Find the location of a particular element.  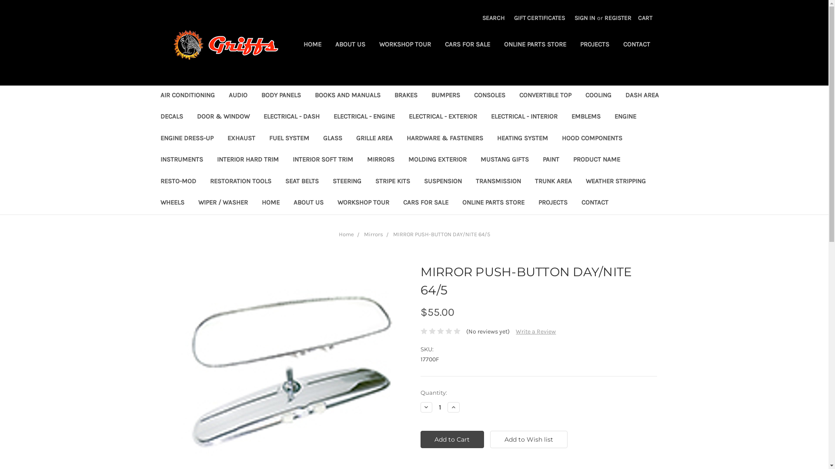

'ELECTRICAL - DASH' is located at coordinates (291, 117).